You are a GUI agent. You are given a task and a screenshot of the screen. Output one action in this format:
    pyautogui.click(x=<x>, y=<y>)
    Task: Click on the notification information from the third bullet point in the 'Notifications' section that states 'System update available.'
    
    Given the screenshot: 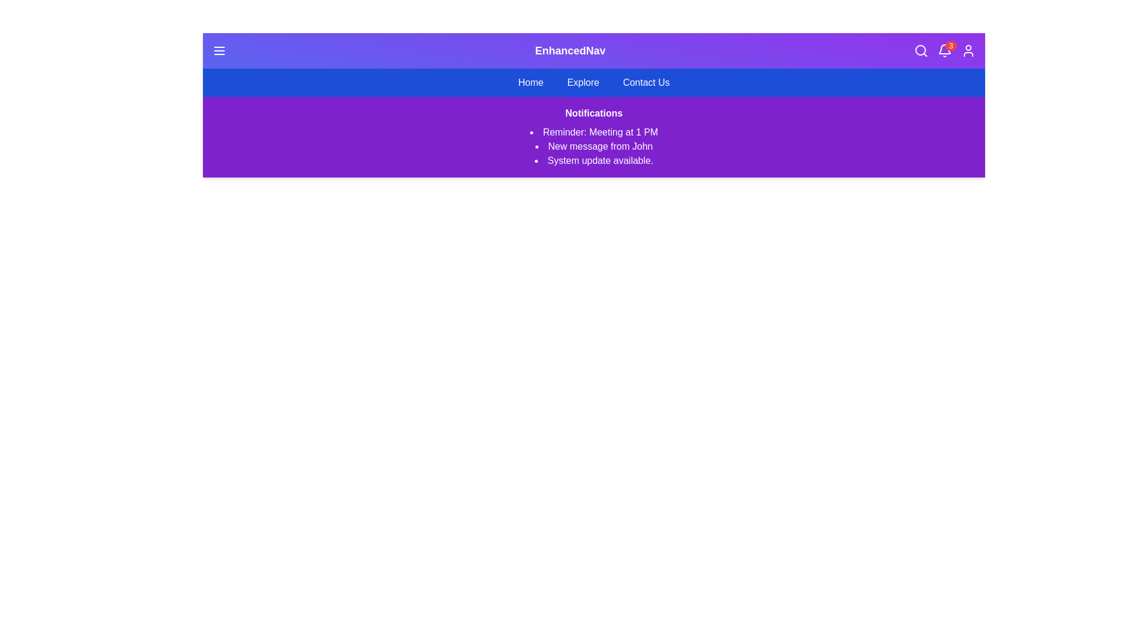 What is the action you would take?
    pyautogui.click(x=593, y=161)
    